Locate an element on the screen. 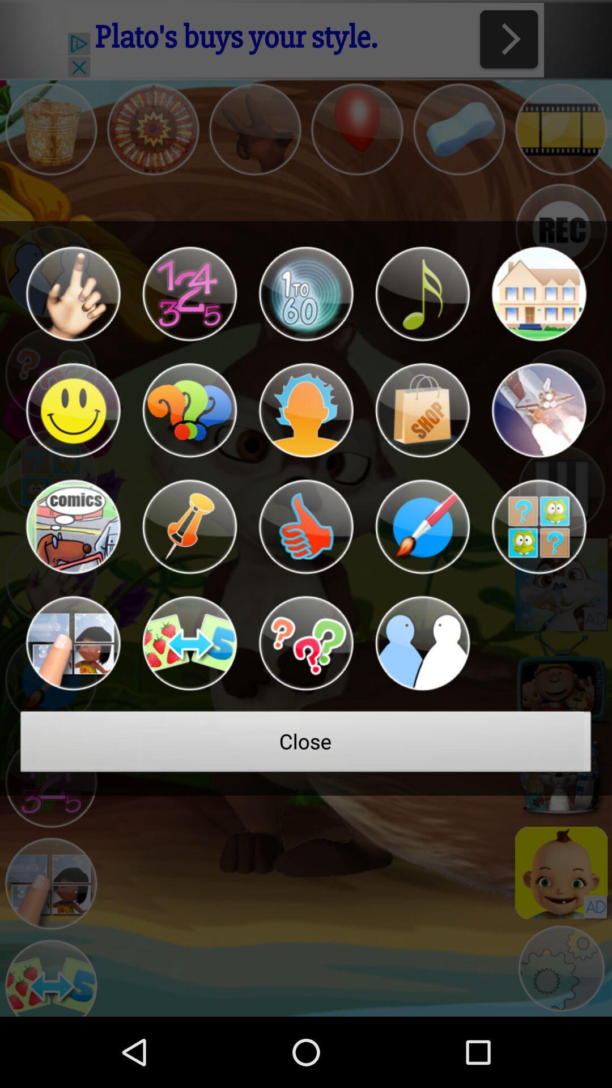 This screenshot has width=612, height=1088. the close button is located at coordinates (306, 745).